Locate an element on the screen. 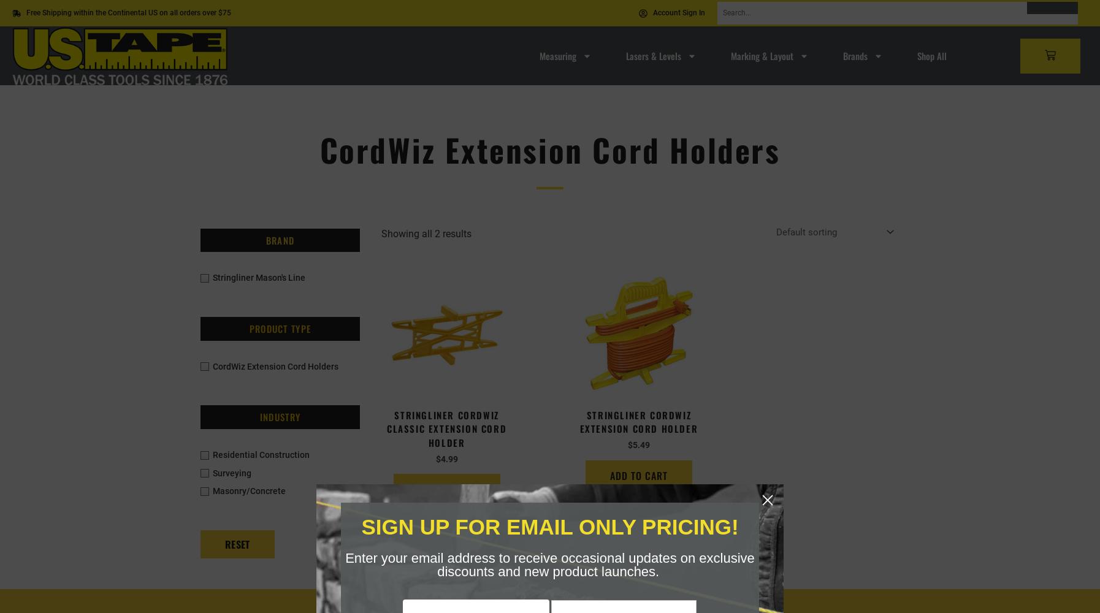 The width and height of the screenshot is (1100, 613). 'Industry' is located at coordinates (259, 417).